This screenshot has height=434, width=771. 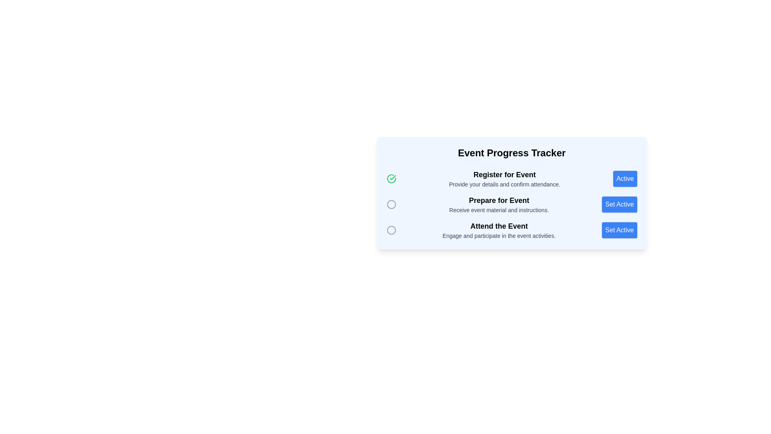 I want to click on the second circular status icon with a gray border in the progress tracker interface, which is positioned below the green checkmark and above the lower empty circle, so click(x=391, y=204).